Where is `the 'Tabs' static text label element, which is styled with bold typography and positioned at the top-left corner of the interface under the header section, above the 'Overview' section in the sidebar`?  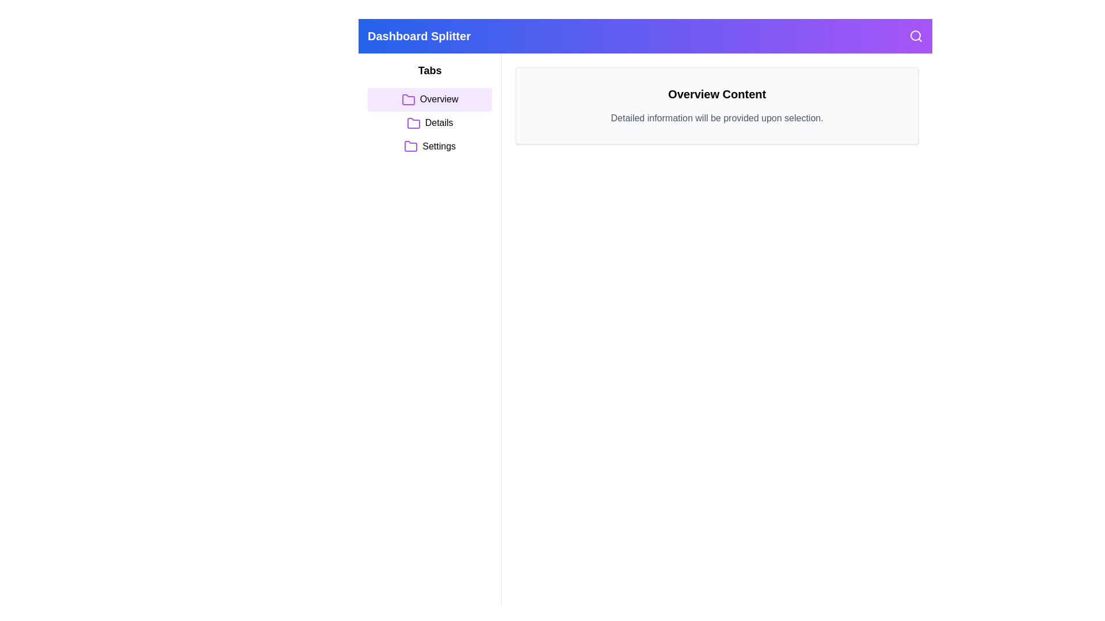 the 'Tabs' static text label element, which is styled with bold typography and positioned at the top-left corner of the interface under the header section, above the 'Overview' section in the sidebar is located at coordinates (429, 71).